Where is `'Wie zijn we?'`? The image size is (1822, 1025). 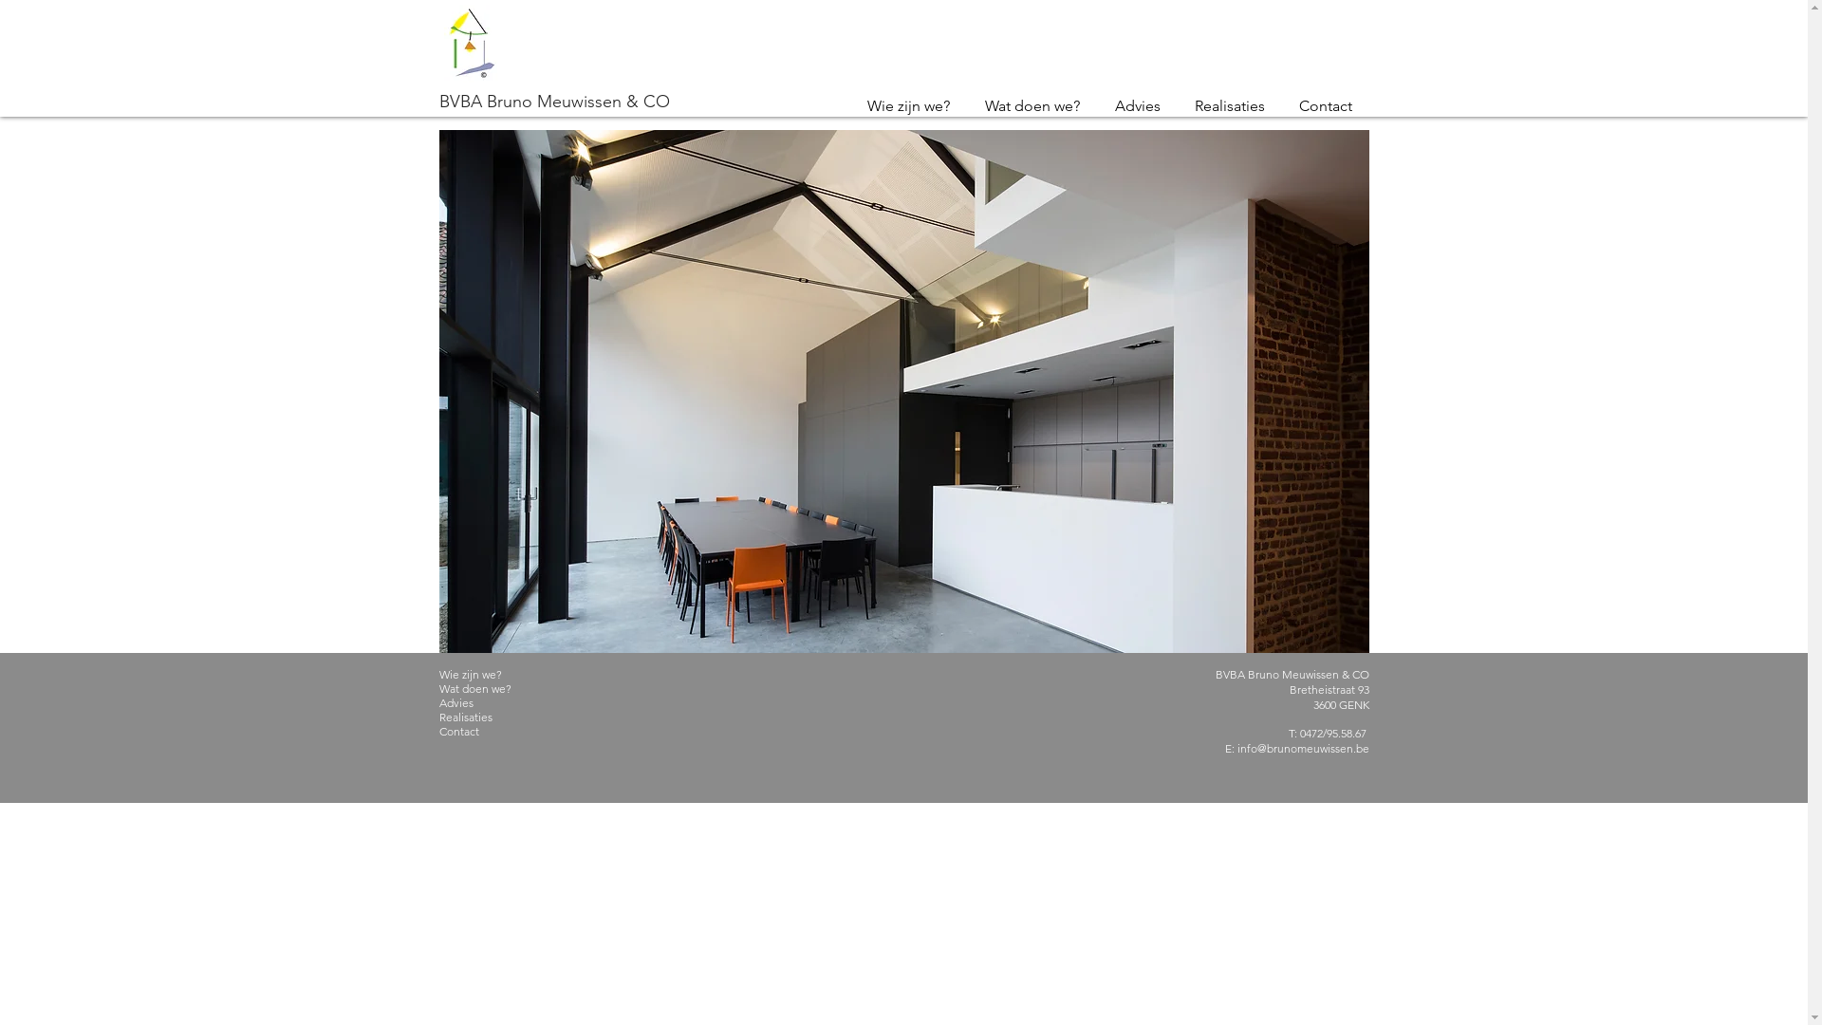
'Wie zijn we?' is located at coordinates (501, 673).